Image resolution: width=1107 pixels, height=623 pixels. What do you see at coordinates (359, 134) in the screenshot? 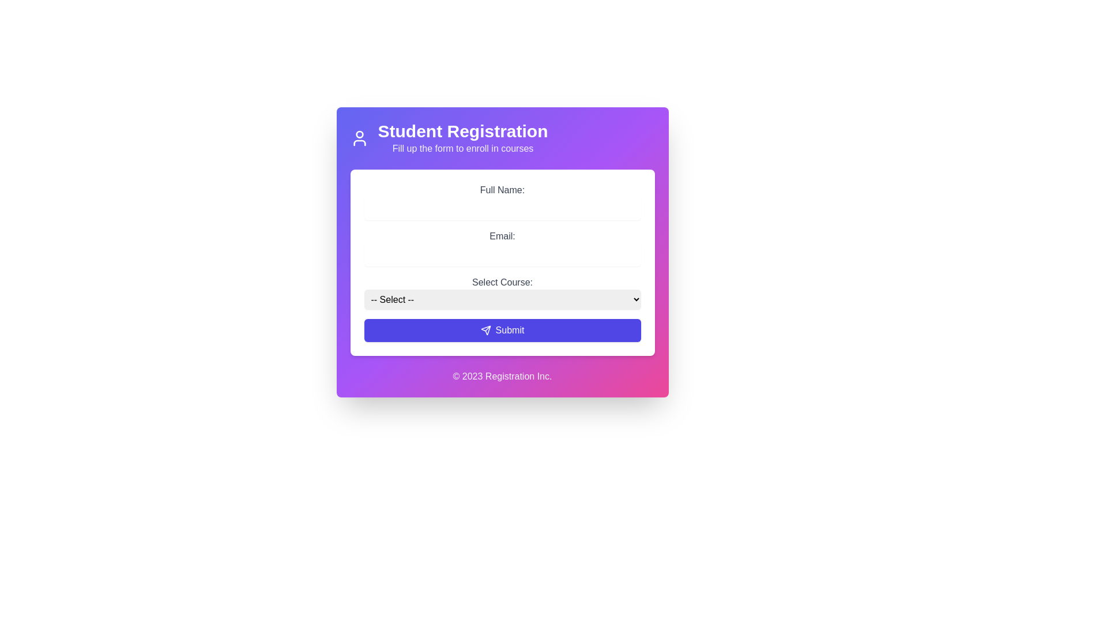
I see `the decorative graphical element that is part of the user icon located at the top-left corner of the form header` at bounding box center [359, 134].